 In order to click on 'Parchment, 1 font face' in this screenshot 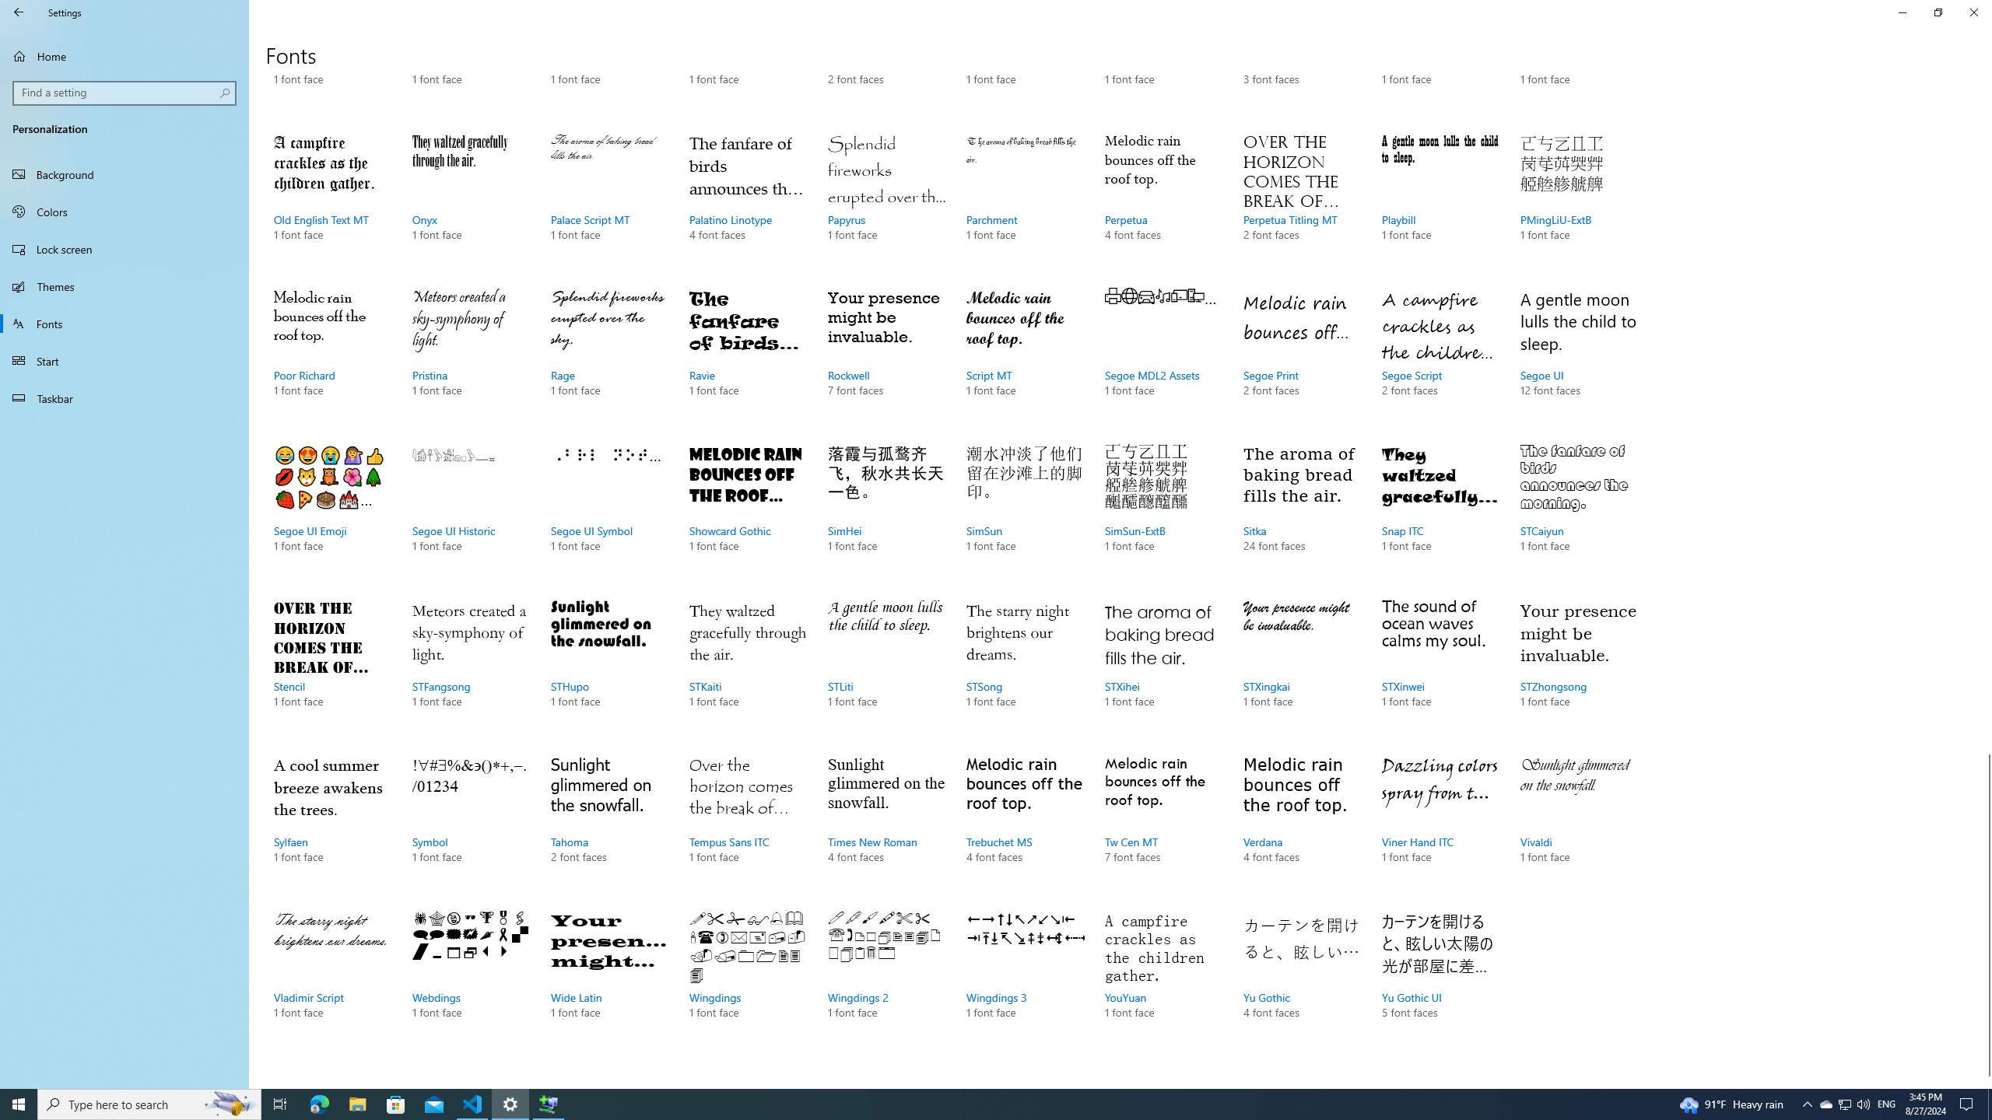, I will do `click(1024, 202)`.